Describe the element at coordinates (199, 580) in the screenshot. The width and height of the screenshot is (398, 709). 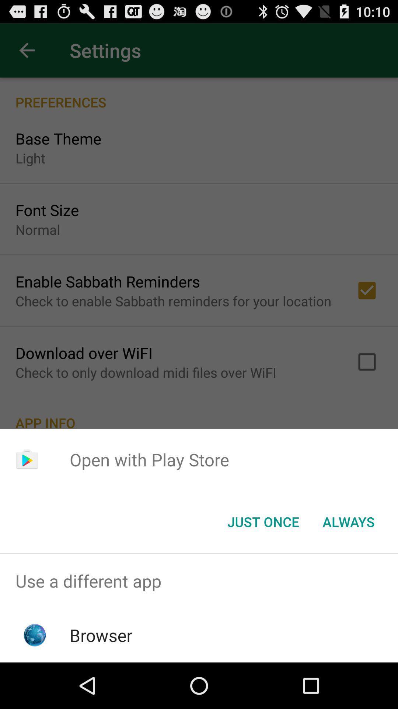
I see `the use a different icon` at that location.